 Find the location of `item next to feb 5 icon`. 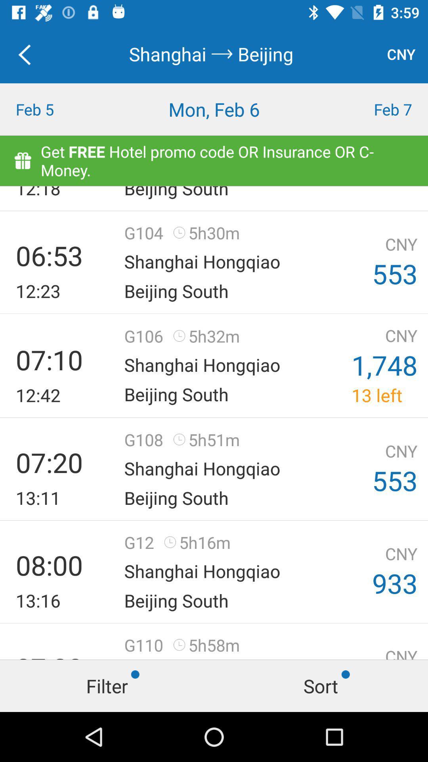

item next to feb 5 icon is located at coordinates (214, 109).